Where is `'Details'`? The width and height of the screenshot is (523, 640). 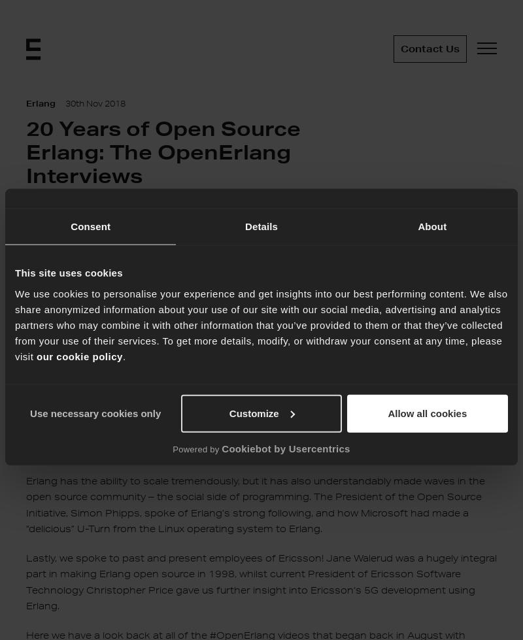 'Details' is located at coordinates (245, 226).